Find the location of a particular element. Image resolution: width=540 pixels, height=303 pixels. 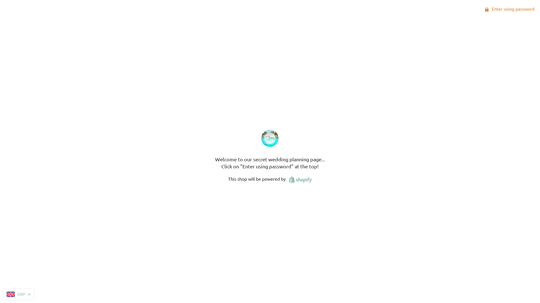

'Shopify' is located at coordinates (299, 178).